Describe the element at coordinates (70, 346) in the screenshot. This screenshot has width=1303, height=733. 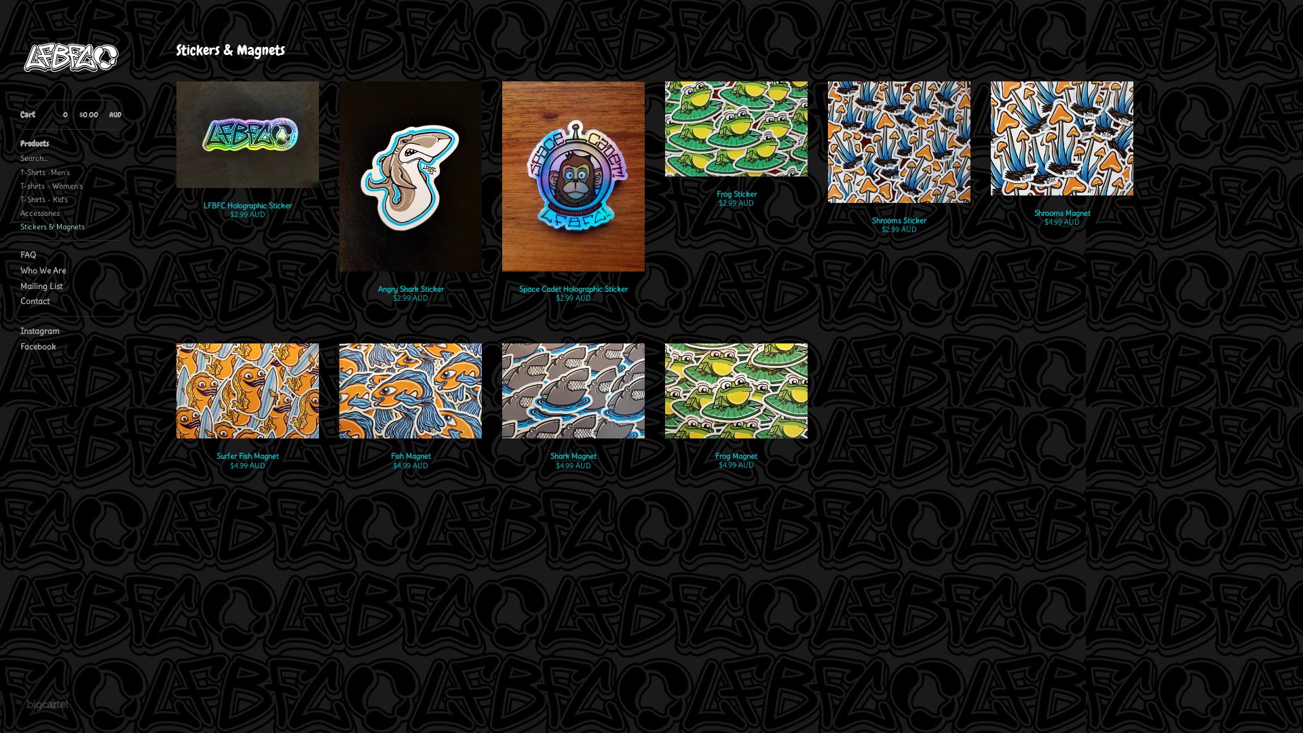
I see `'Facebook'` at that location.